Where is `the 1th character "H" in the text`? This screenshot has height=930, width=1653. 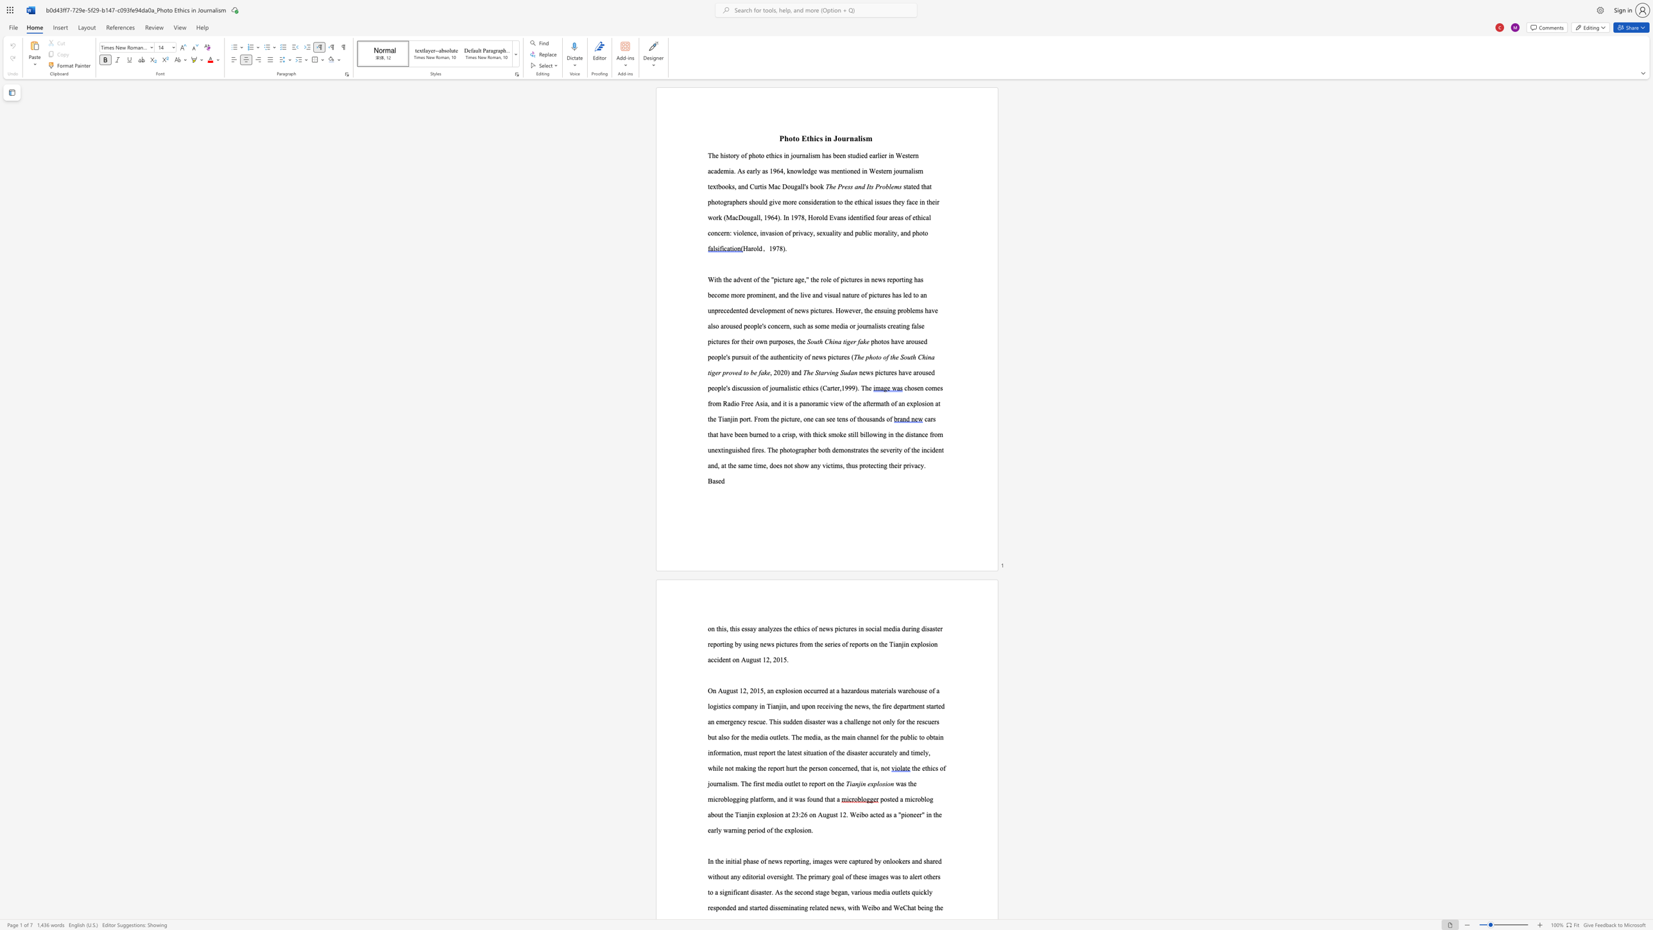 the 1th character "H" in the text is located at coordinates (744, 248).